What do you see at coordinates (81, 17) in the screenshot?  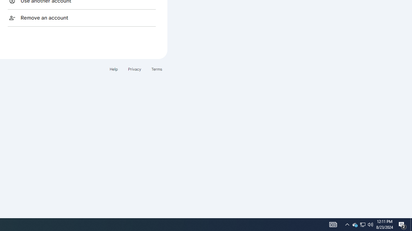 I see `'Remove an account'` at bounding box center [81, 17].